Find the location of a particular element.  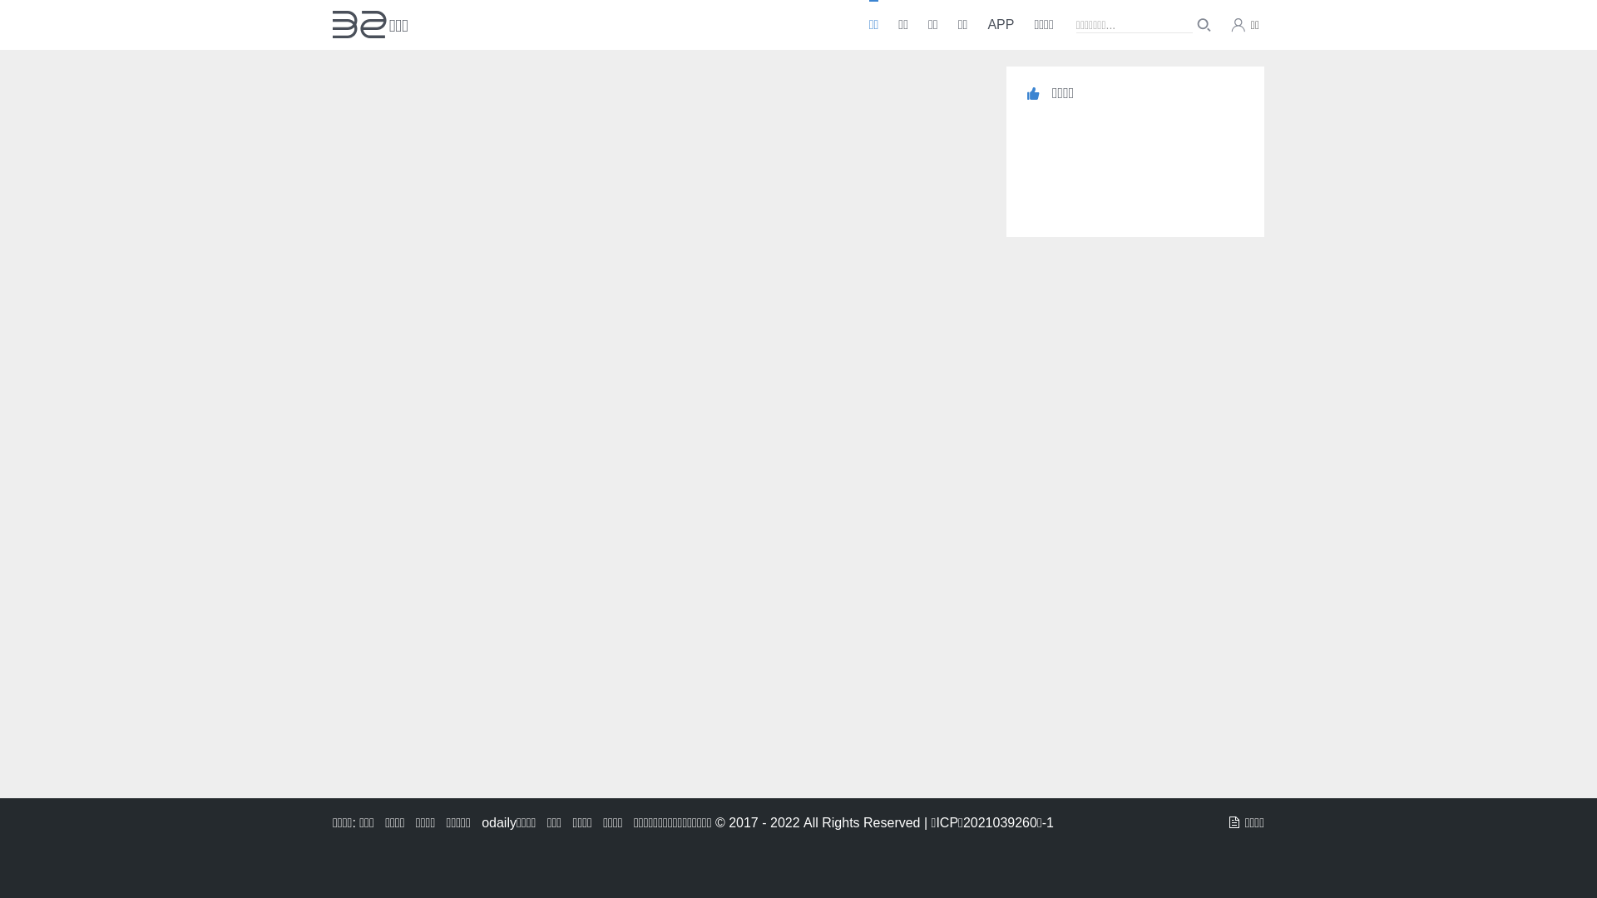

'APP' is located at coordinates (986, 10).